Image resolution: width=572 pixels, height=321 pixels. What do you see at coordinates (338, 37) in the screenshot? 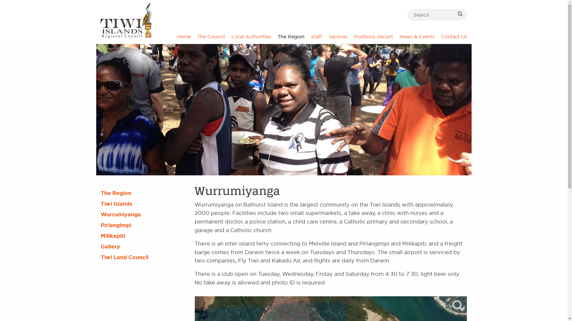
I see `'Services'` at bounding box center [338, 37].